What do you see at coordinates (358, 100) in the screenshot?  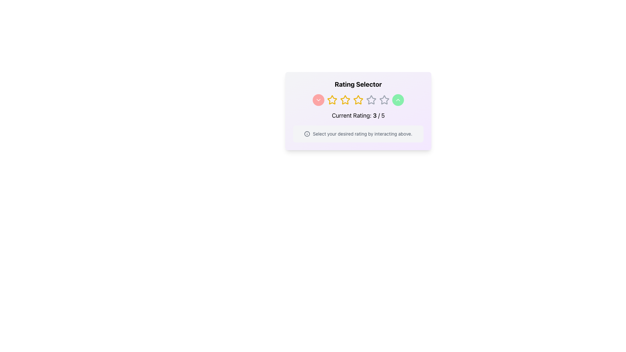 I see `the third yellow star icon in the rating selector component, which is positioned below the heading 'Rating Selector' and above the text 'Current Rating: 3 / 5'` at bounding box center [358, 100].